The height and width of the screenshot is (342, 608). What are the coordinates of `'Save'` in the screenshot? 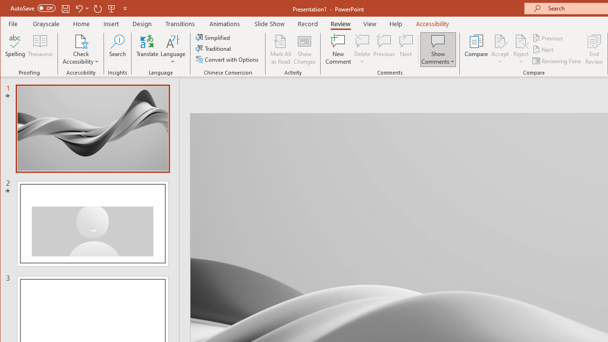 It's located at (65, 8).